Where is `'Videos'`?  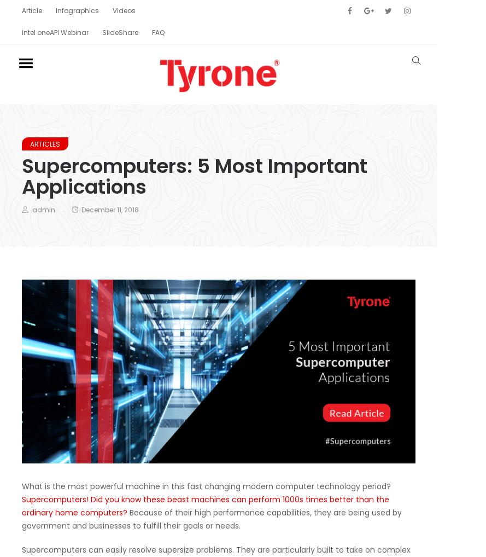
'Videos' is located at coordinates (123, 10).